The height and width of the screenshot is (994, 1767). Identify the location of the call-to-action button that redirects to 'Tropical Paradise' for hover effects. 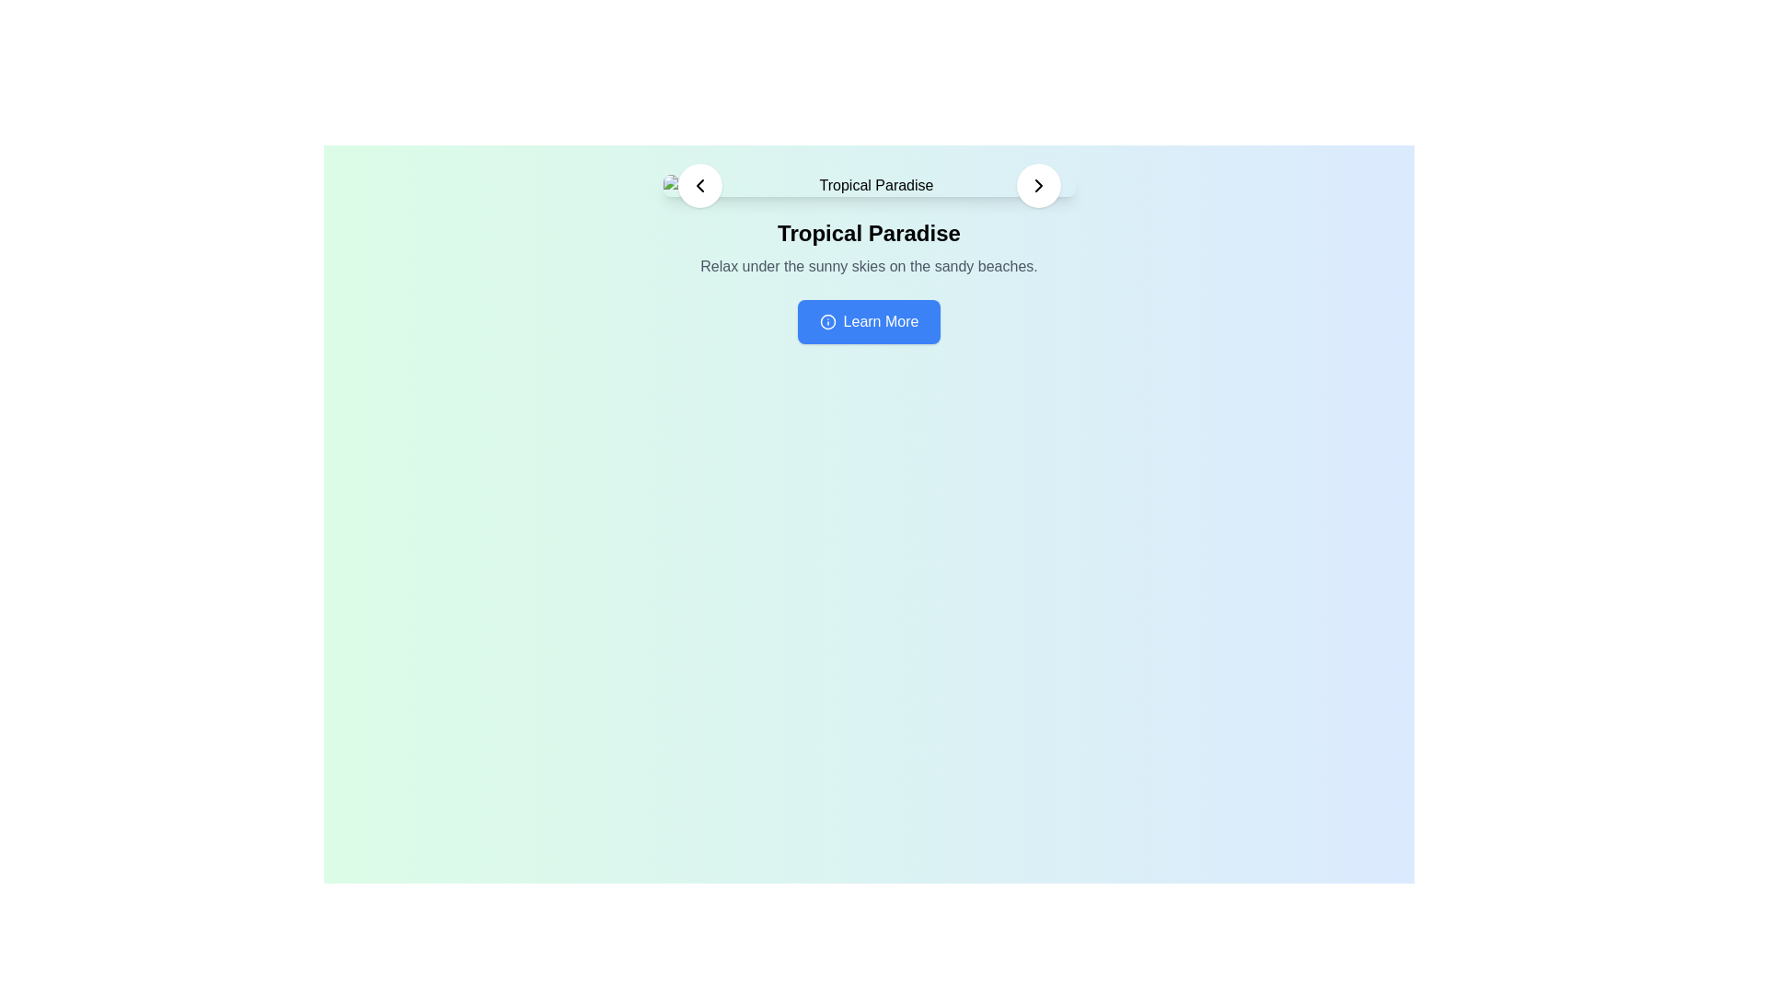
(868, 321).